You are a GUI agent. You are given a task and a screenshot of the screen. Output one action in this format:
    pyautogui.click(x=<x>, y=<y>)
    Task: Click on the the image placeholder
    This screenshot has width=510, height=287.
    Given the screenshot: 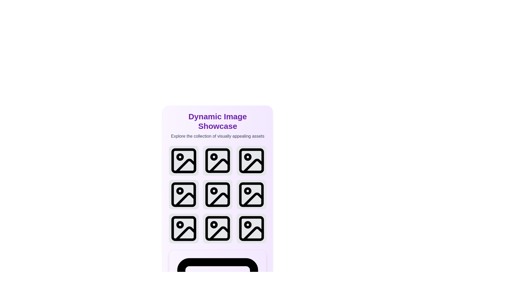 What is the action you would take?
    pyautogui.click(x=251, y=228)
    